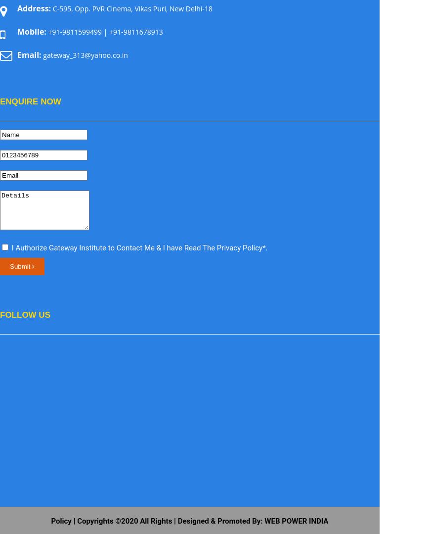  What do you see at coordinates (16, 55) in the screenshot?
I see `'Email:'` at bounding box center [16, 55].